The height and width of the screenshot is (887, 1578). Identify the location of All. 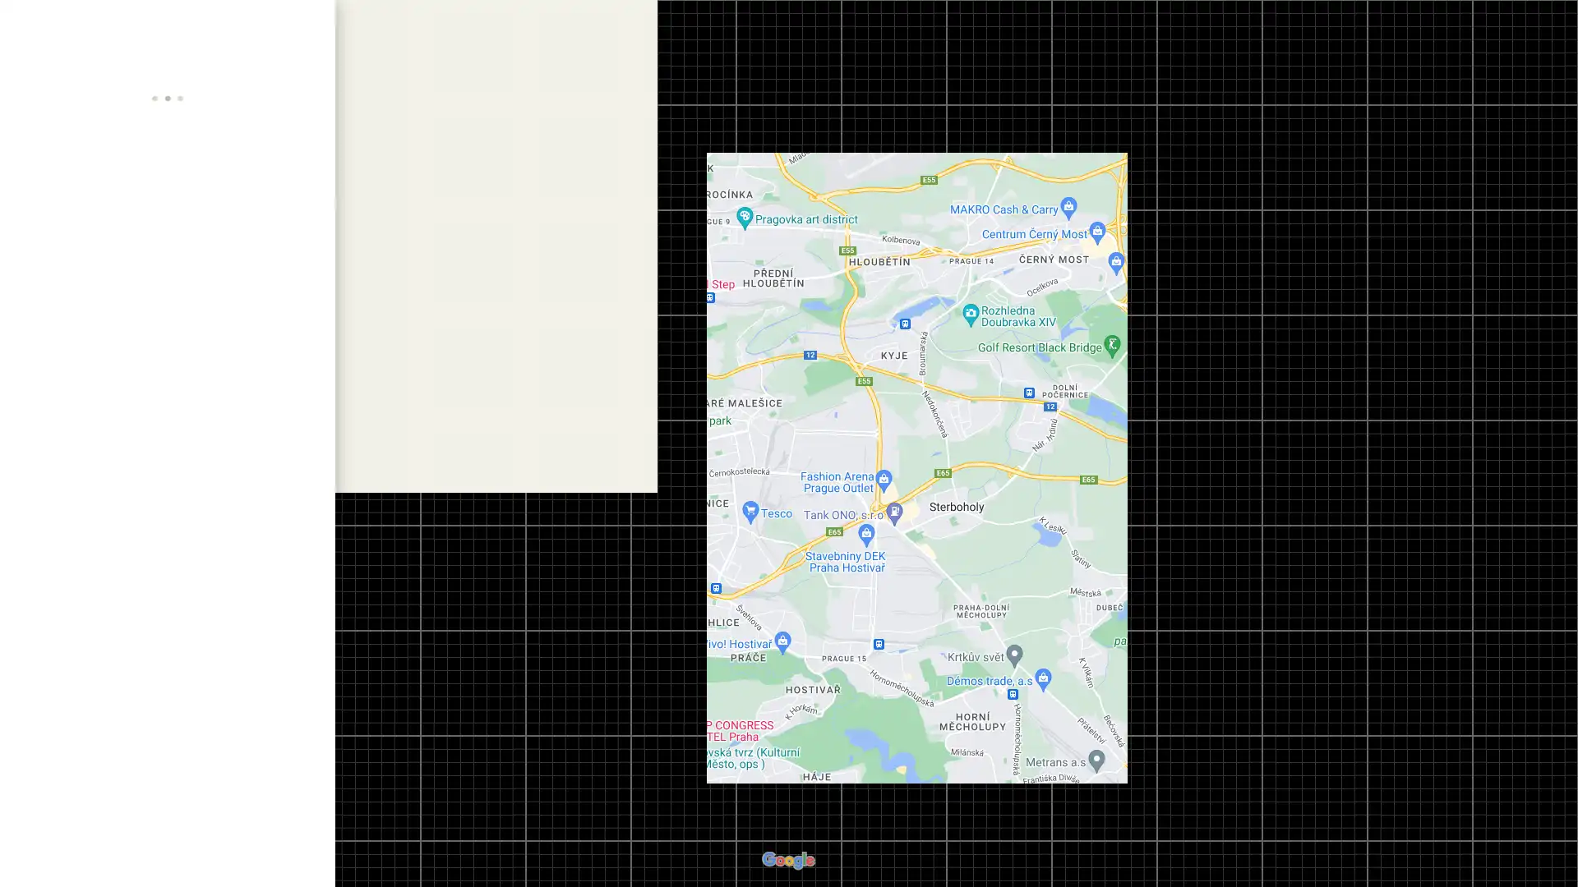
(66, 803).